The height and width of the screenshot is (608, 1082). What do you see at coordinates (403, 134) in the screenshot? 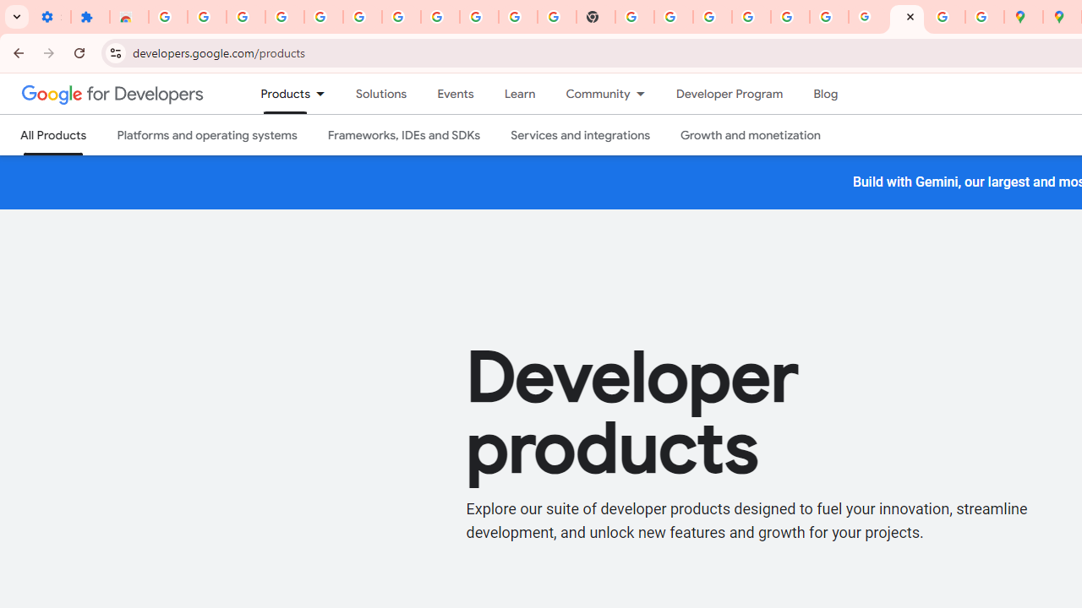
I see `'Frameworks, IDEs and SDKs'` at bounding box center [403, 134].